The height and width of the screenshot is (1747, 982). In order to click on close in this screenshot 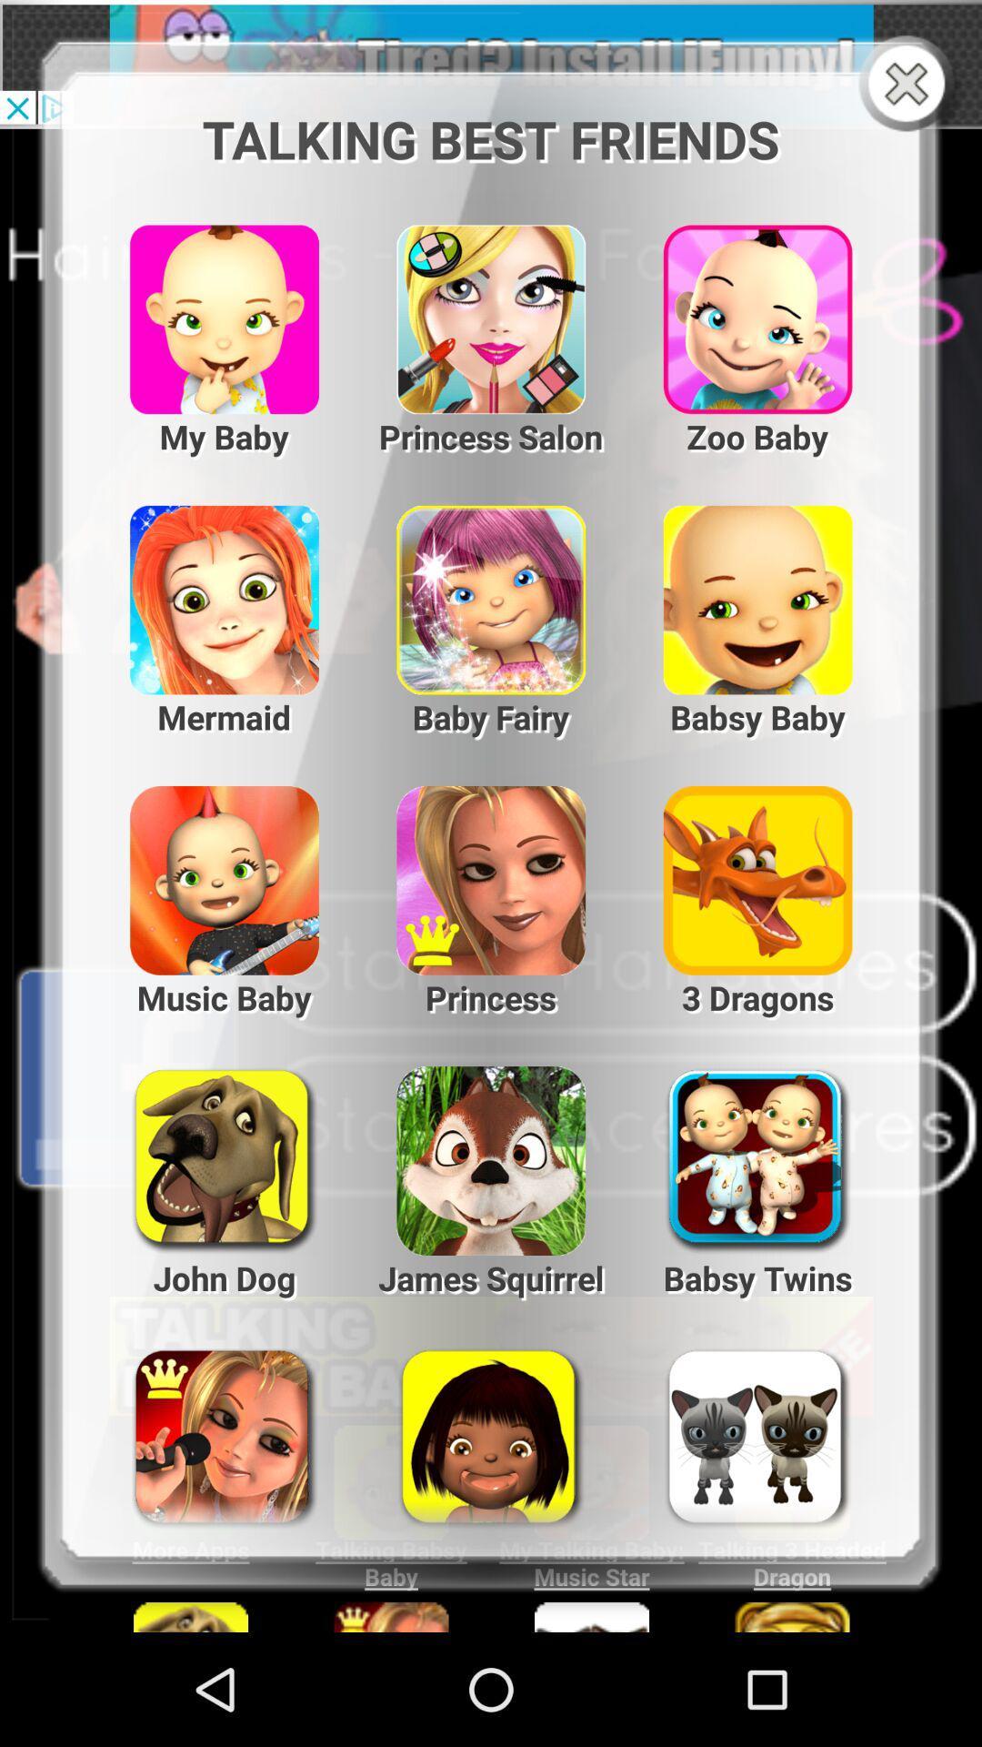, I will do `click(910, 85)`.